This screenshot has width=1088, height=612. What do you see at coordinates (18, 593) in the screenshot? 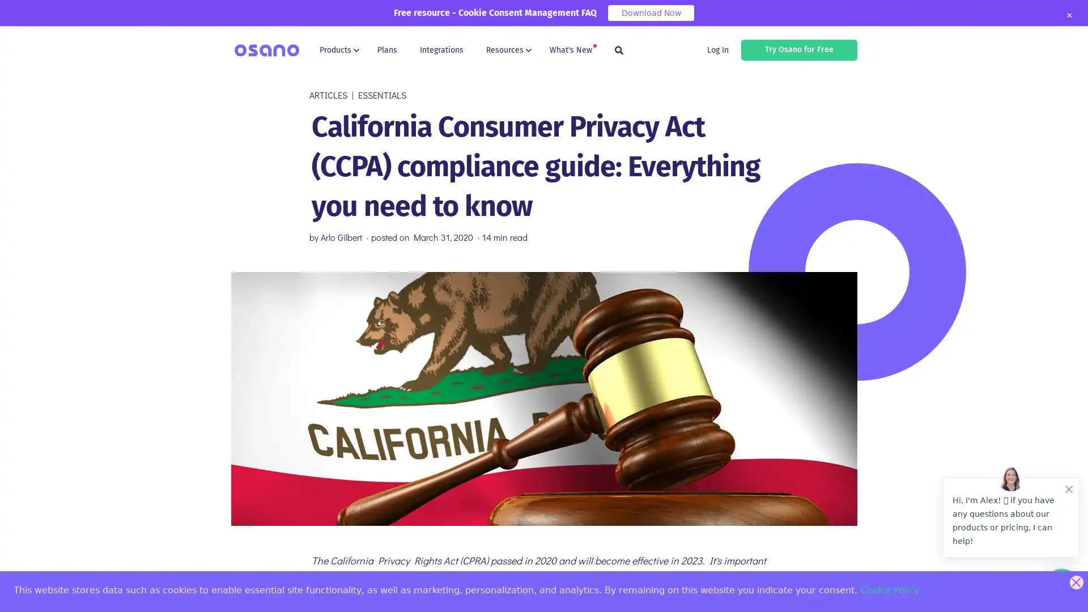
I see `Cookie Preferences` at bounding box center [18, 593].